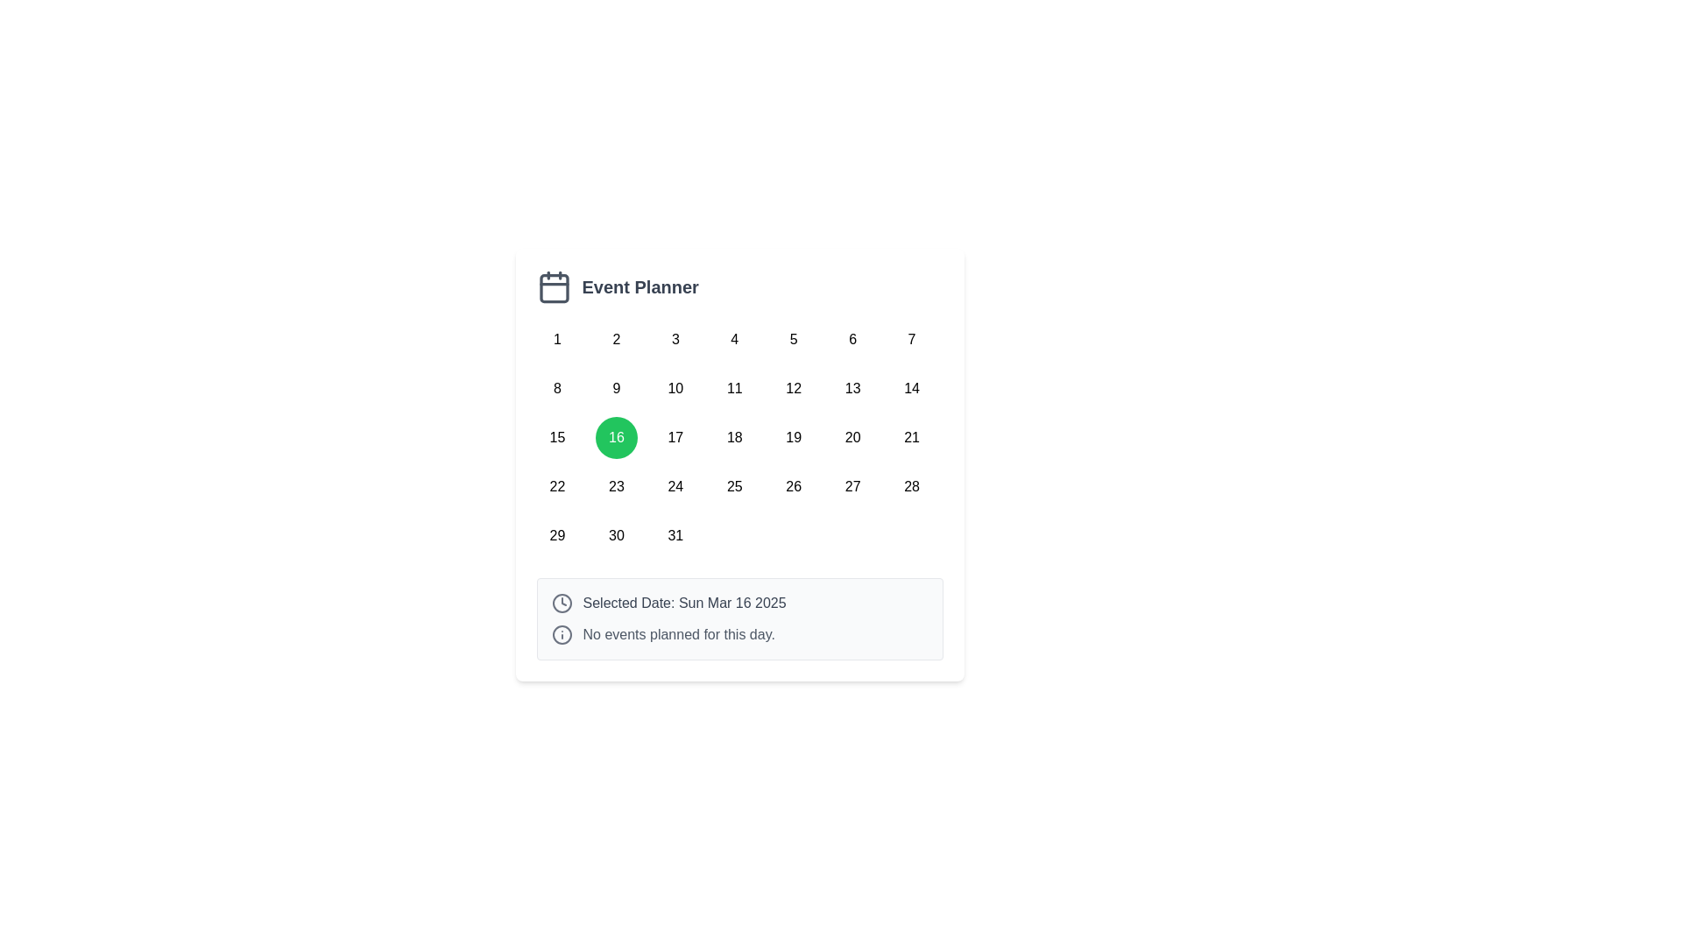  What do you see at coordinates (739, 618) in the screenshot?
I see `the informational section or card that summarizes the currently selected date in the calendar, located at the bottom of the Event Planner interface` at bounding box center [739, 618].